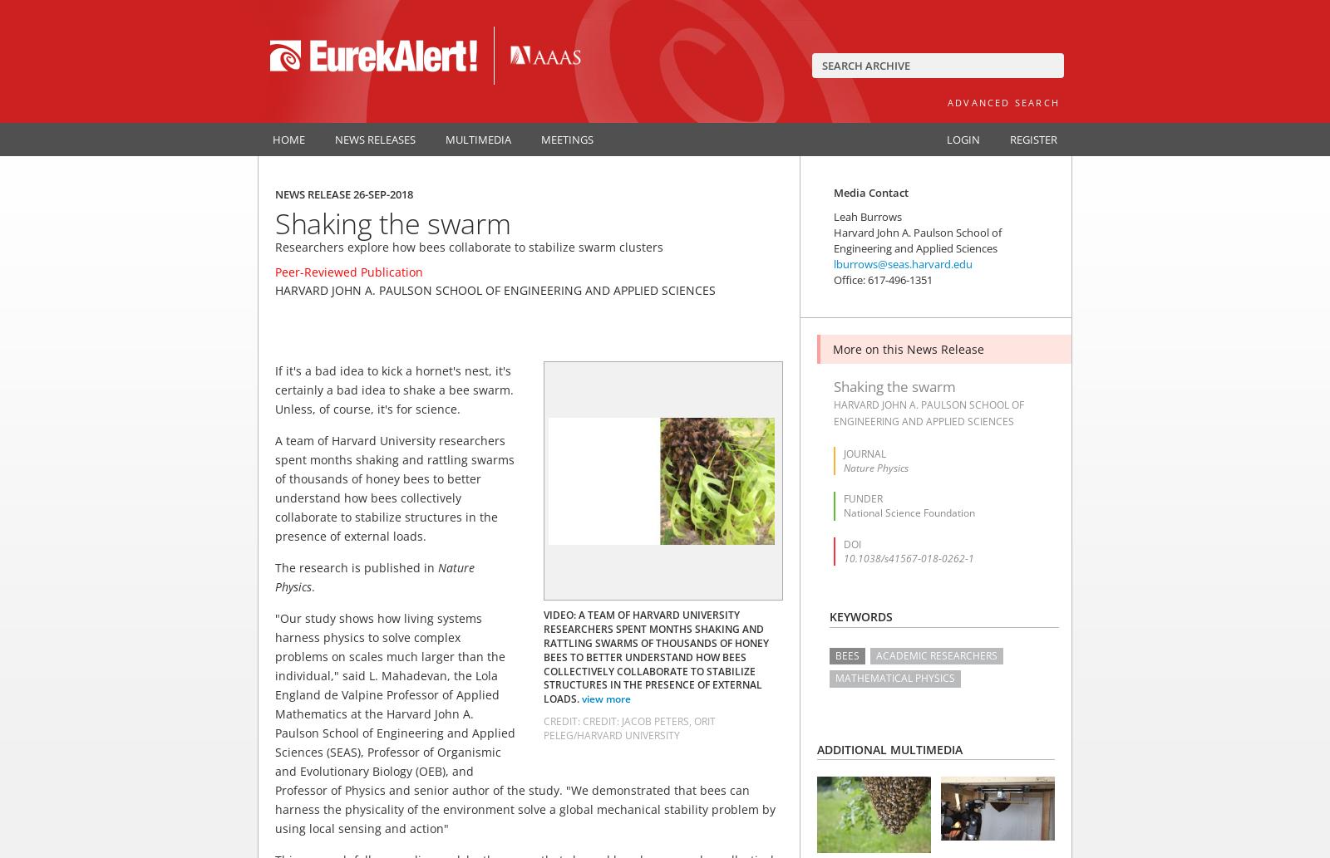 This screenshot has height=858, width=1330. What do you see at coordinates (314, 194) in the screenshot?
I see `'News Release'` at bounding box center [314, 194].